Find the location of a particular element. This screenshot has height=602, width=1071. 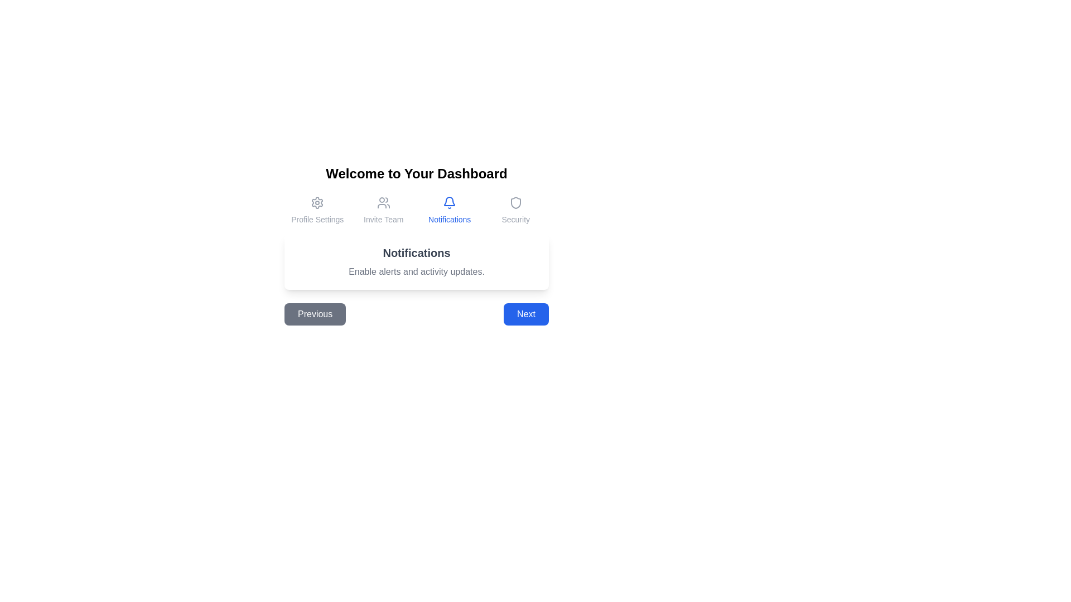

the text label that indicates the function associated with the settings icon located above it, which is the first item in a horizontal group of text-and-icon pairs is located at coordinates (317, 219).